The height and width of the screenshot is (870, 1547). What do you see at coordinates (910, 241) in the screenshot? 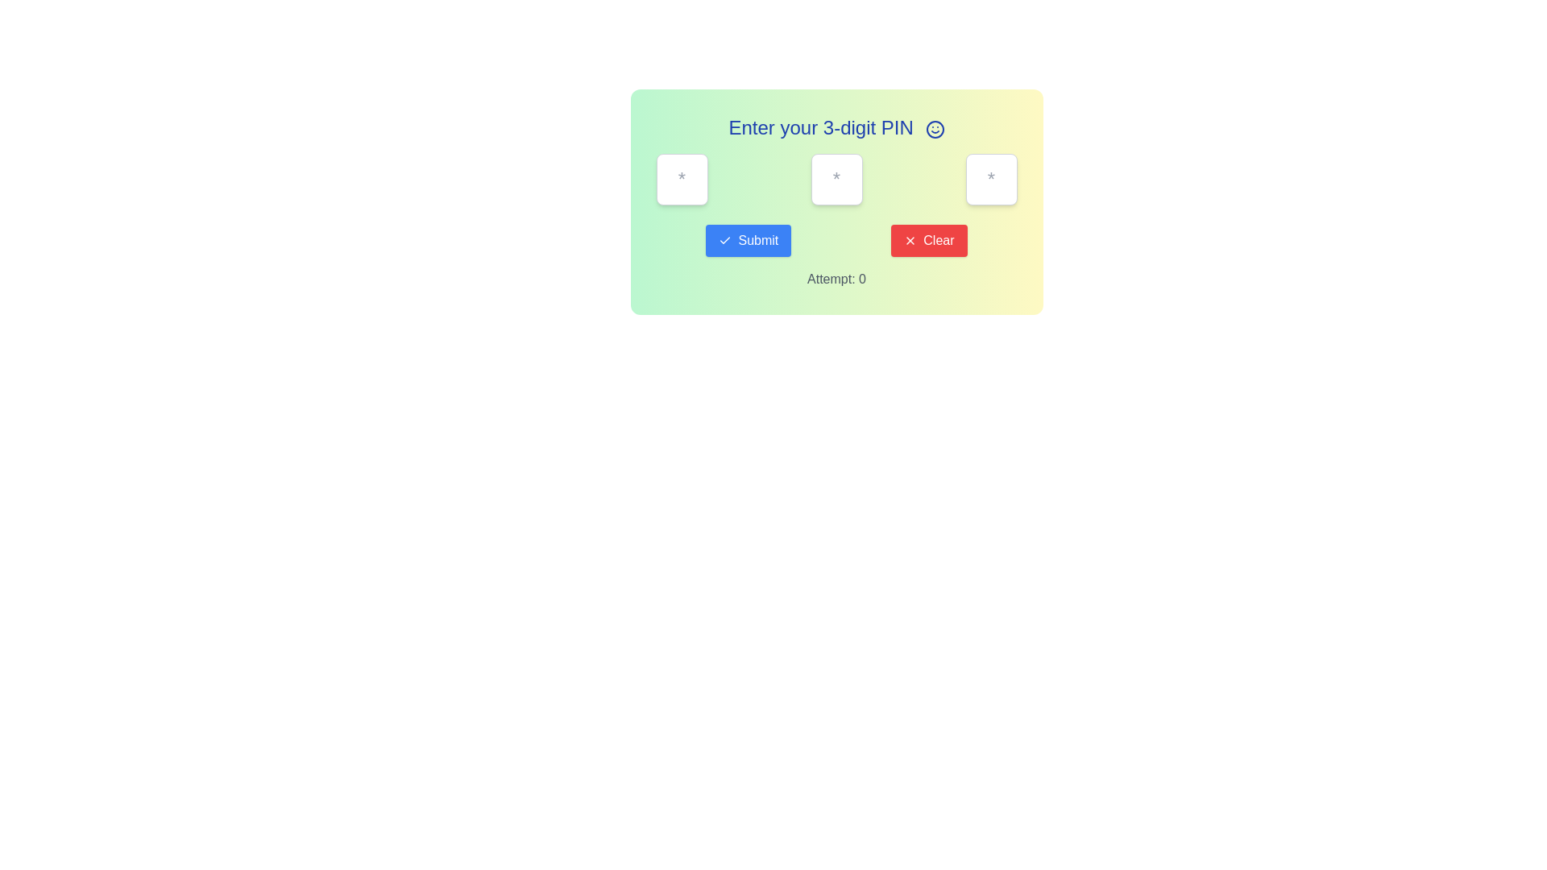
I see `the icon inside the red rectangular button labeled 'Clear' to clear the input fields for the 3-digit PIN` at bounding box center [910, 241].